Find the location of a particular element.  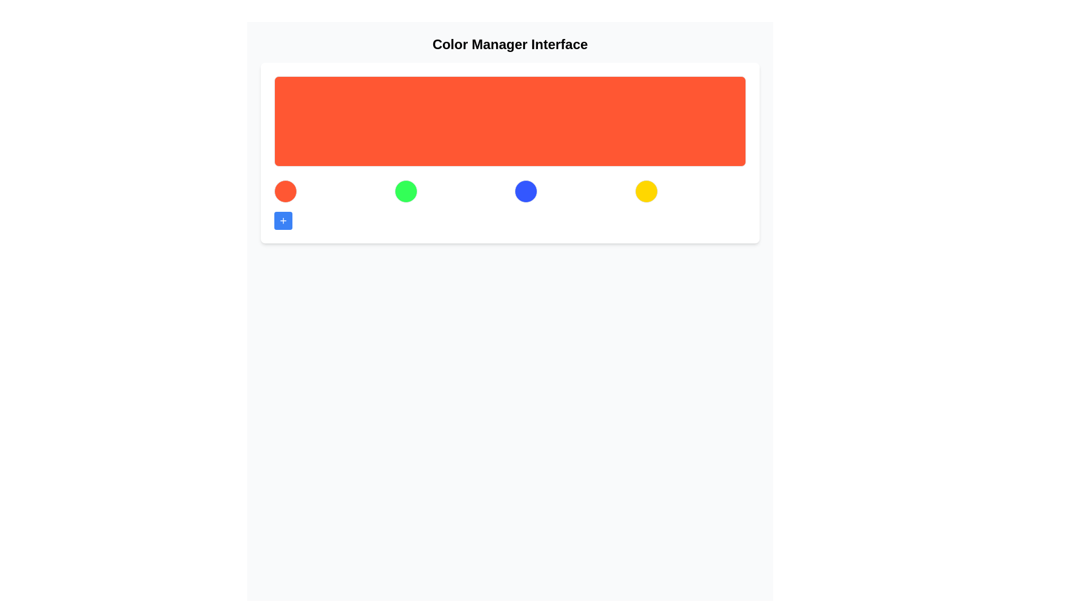

keyboard navigation is located at coordinates (525, 191).